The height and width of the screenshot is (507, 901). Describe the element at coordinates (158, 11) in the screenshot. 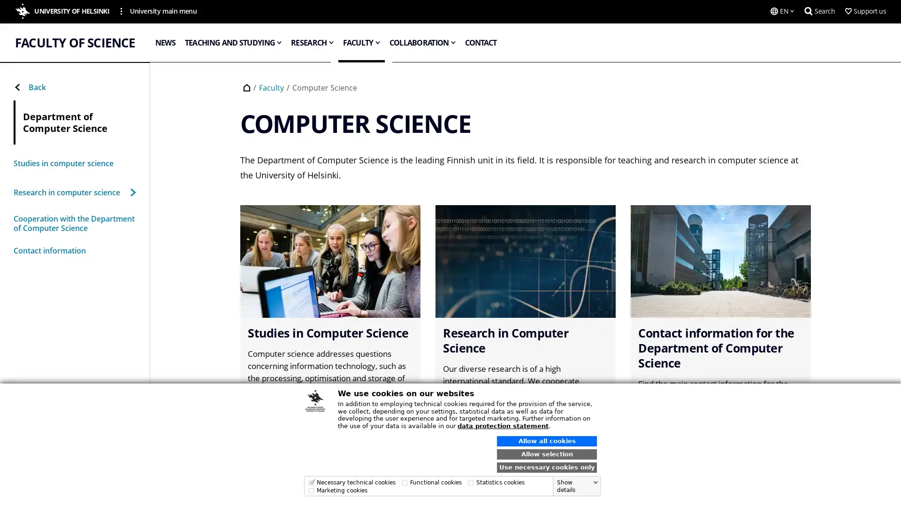

I see `University main menu` at that location.